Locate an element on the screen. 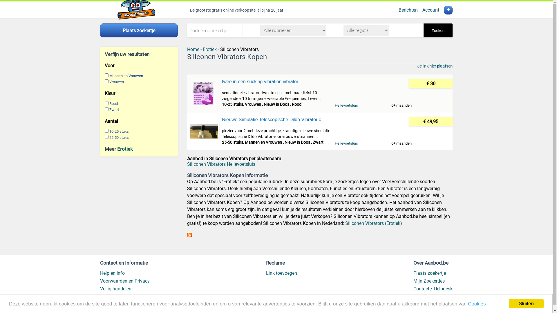 The image size is (557, 313). 'Nieuw geplaatst' is located at coordinates (430, 296).